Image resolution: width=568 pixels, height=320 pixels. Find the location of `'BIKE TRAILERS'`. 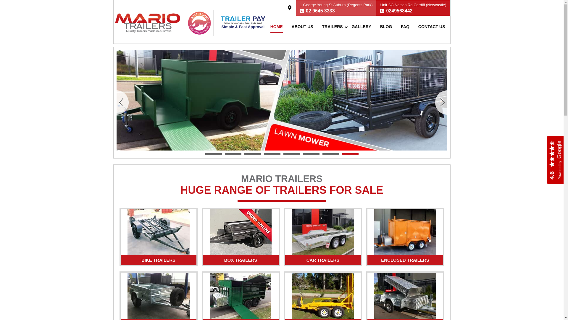

'BIKE TRAILERS' is located at coordinates (159, 260).